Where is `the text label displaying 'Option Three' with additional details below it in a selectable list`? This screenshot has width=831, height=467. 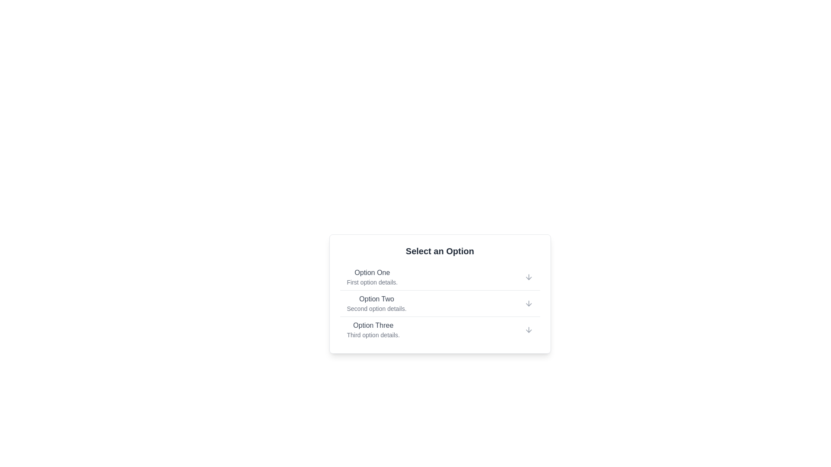
the text label displaying 'Option Three' with additional details below it in a selectable list is located at coordinates (373, 330).